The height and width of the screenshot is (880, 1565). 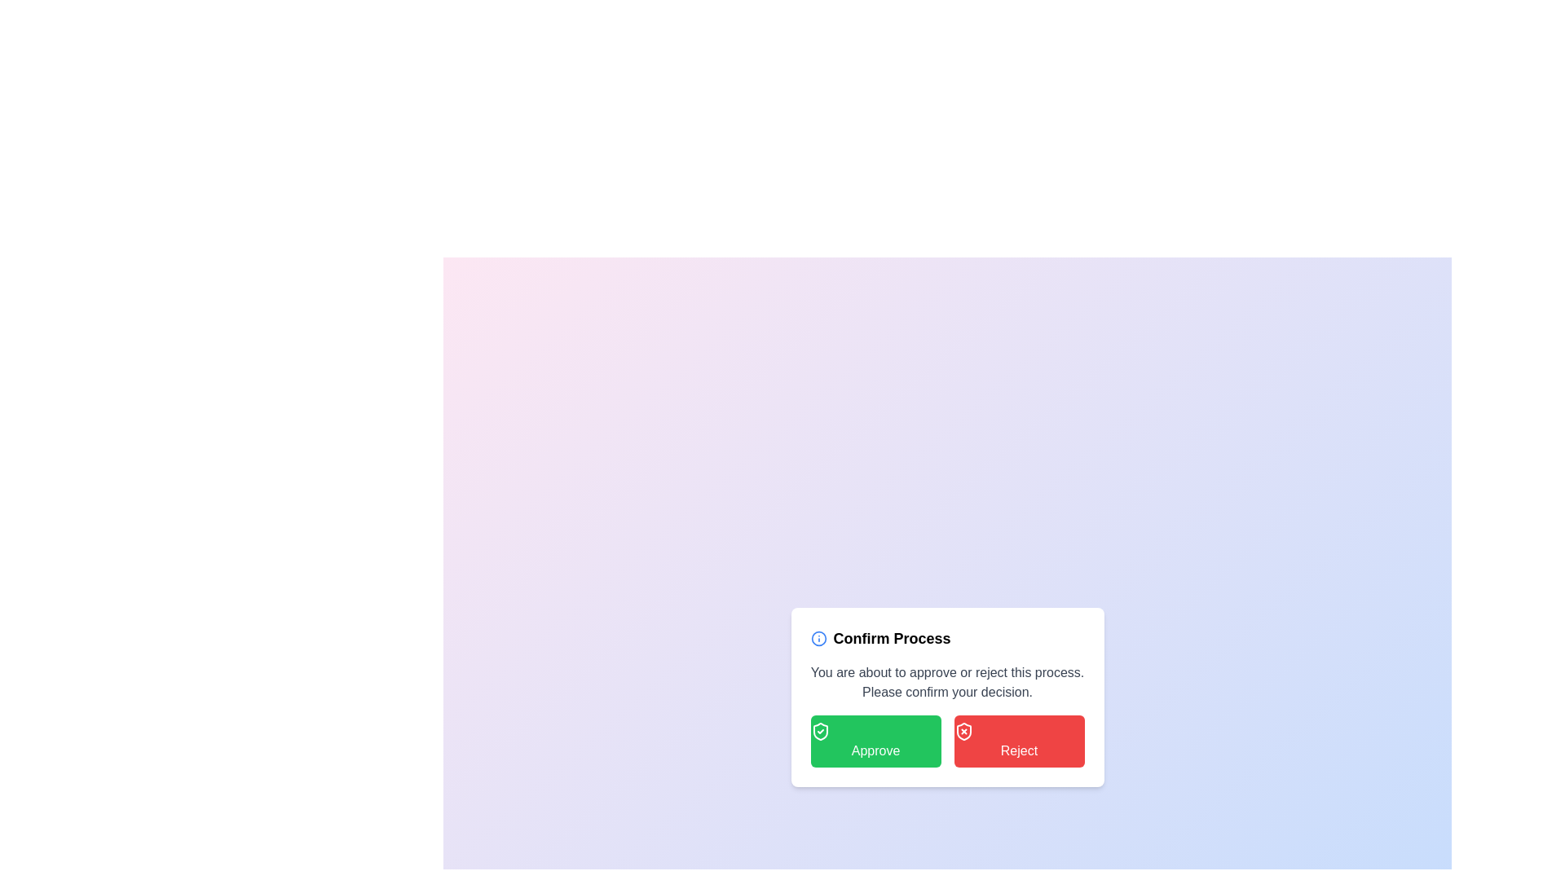 I want to click on the 'Reject' button, which is a rectangular button with a red background and white bold text, located at the lower-right part of the confirmation dialog box, so click(x=1018, y=741).